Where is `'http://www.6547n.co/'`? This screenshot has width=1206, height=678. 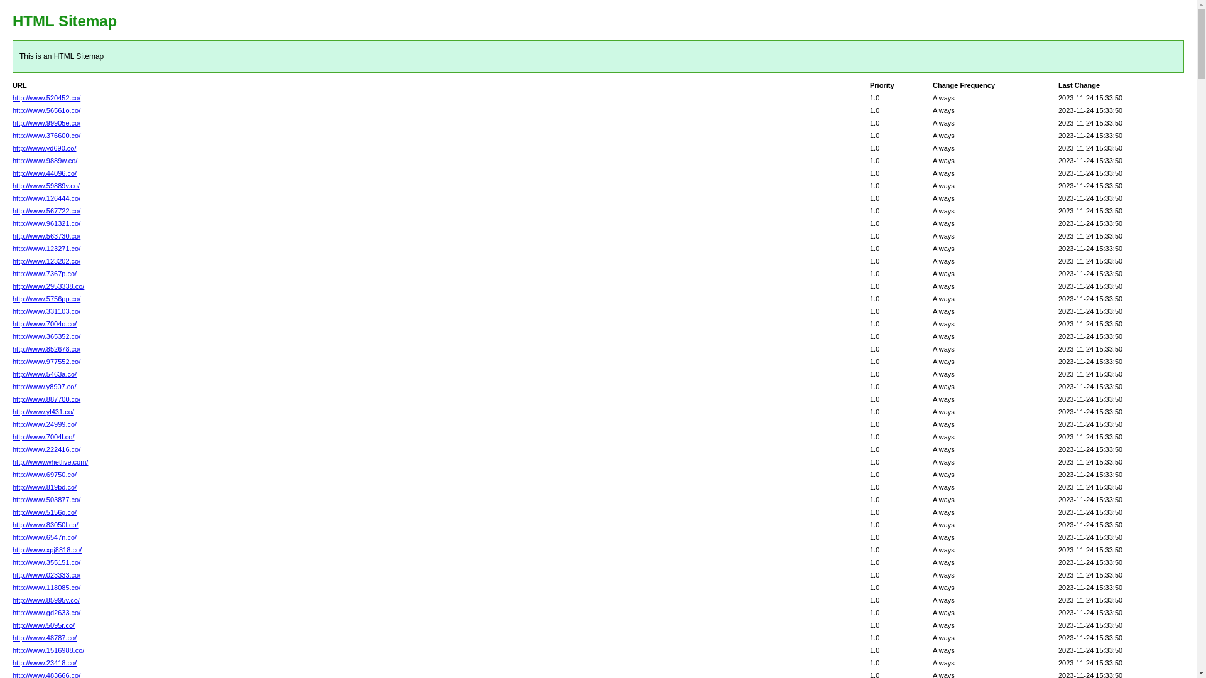 'http://www.6547n.co/' is located at coordinates (45, 537).